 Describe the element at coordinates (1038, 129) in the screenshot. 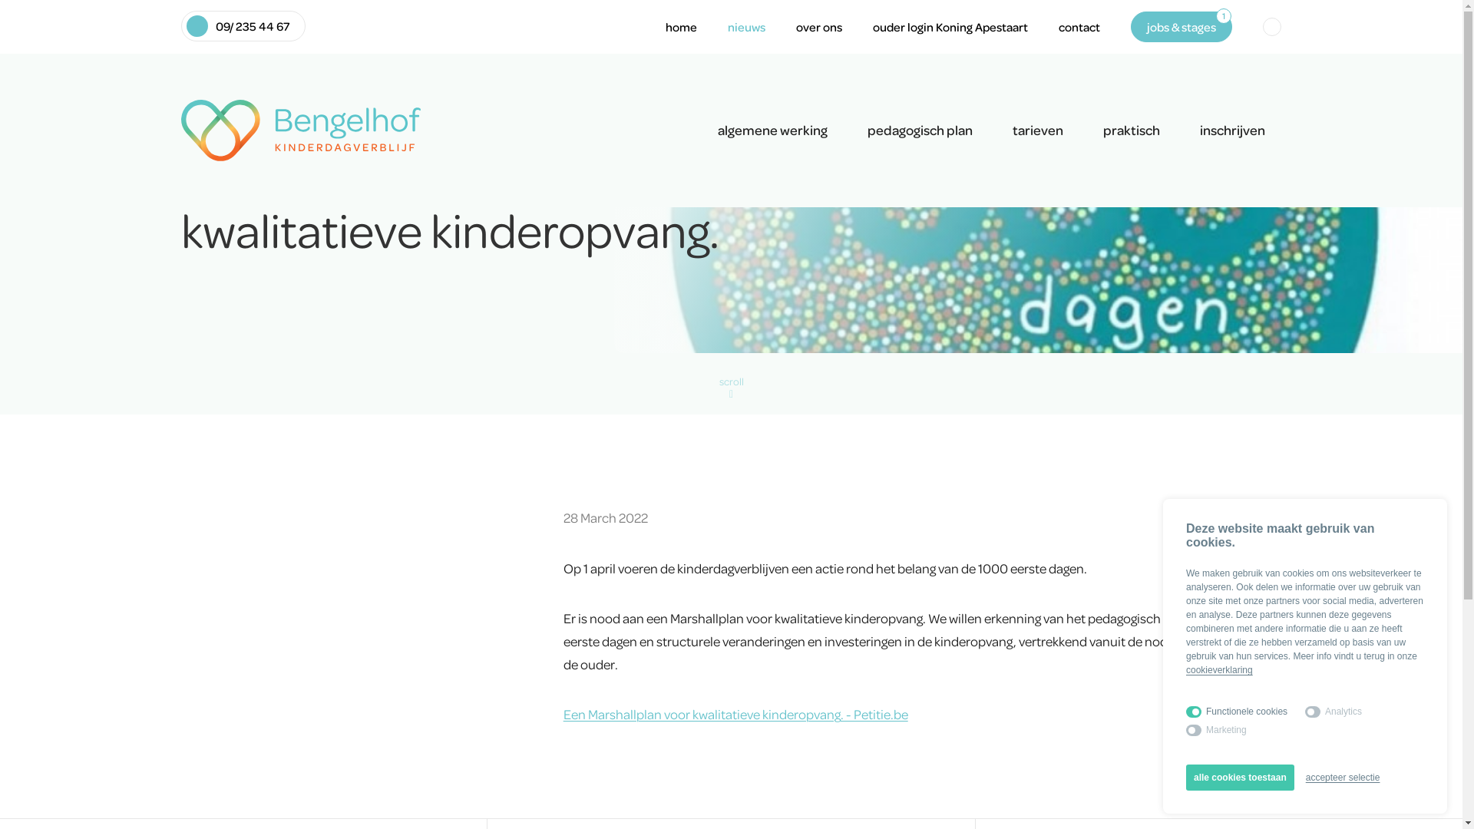

I see `'tarieven'` at that location.